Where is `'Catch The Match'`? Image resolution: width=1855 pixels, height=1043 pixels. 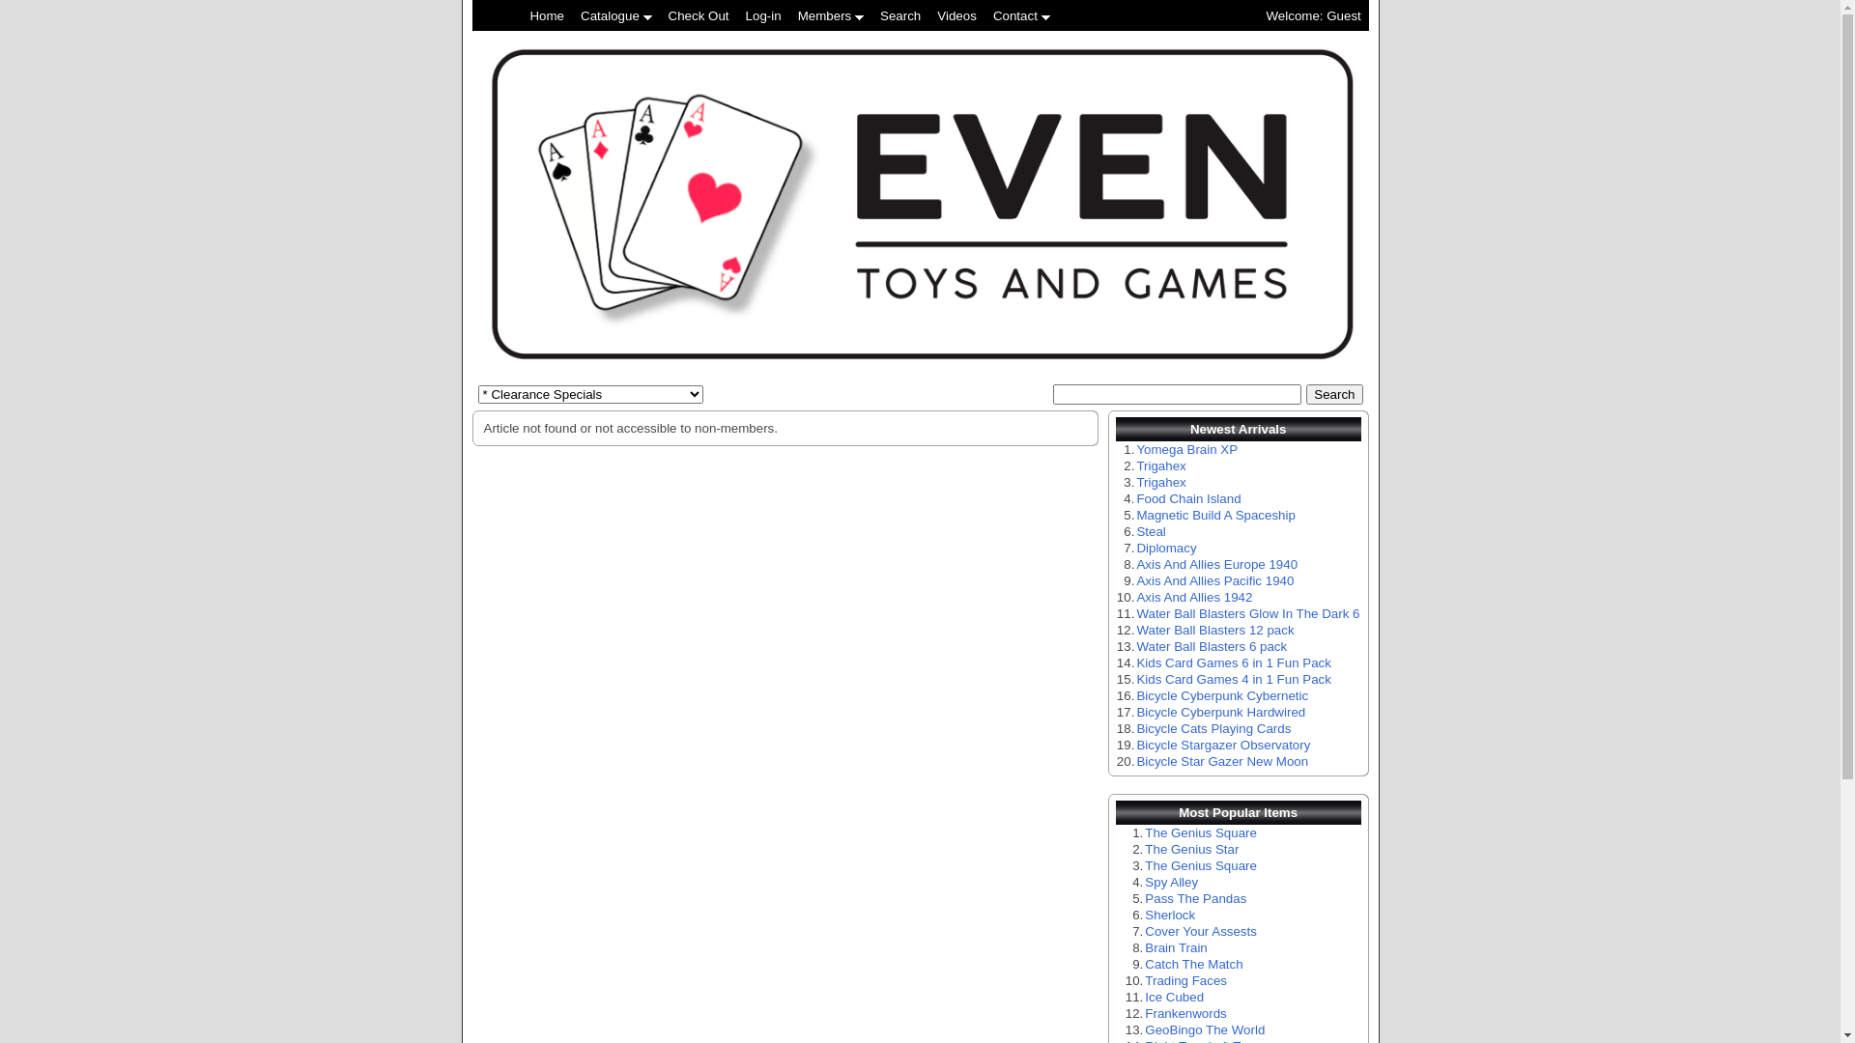
'Catch The Match' is located at coordinates (1145, 964).